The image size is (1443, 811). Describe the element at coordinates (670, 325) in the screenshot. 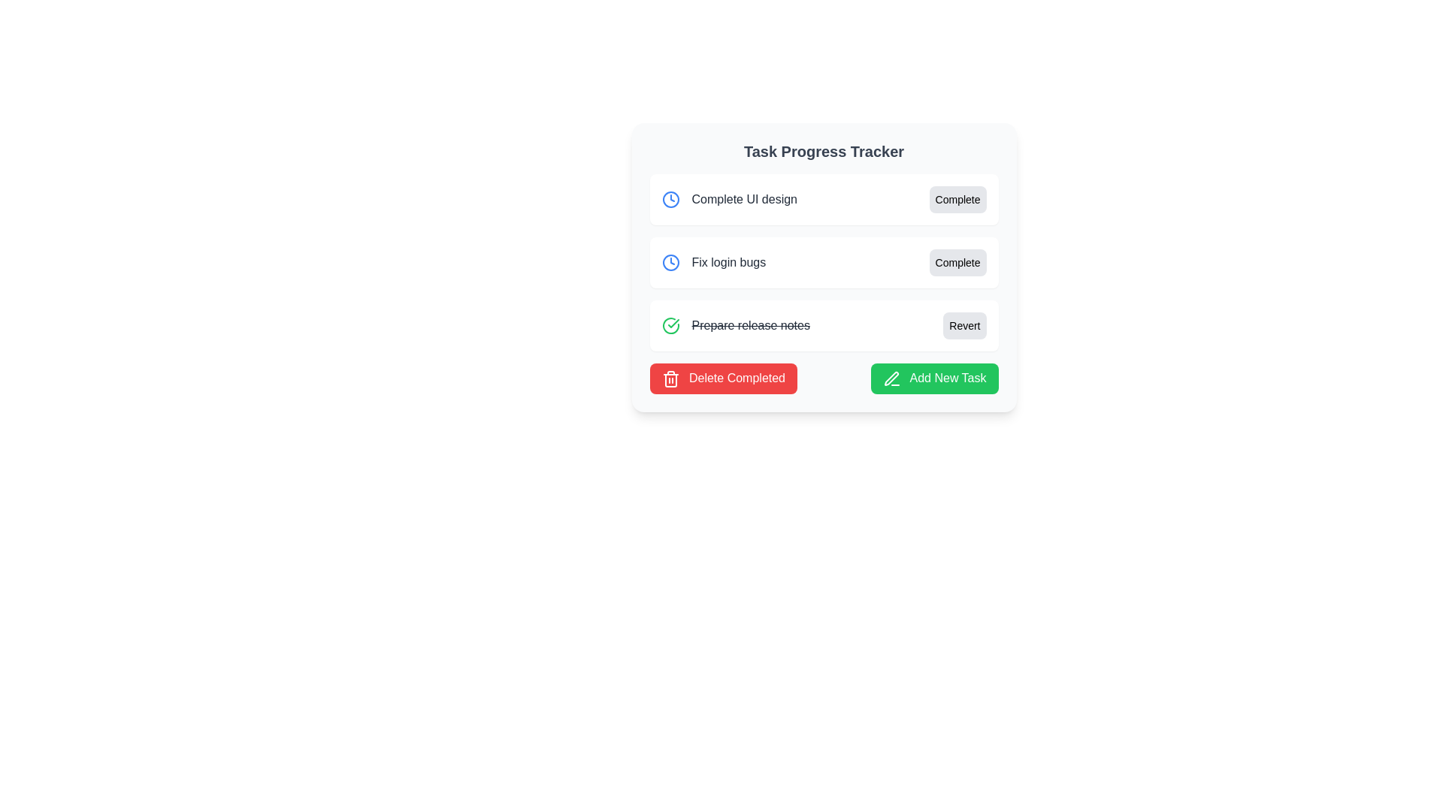

I see `the green circular icon with a checkmark, which is located to the left of the text 'Prepare release notes' in the task list of the 'Task Progress Tracker'` at that location.